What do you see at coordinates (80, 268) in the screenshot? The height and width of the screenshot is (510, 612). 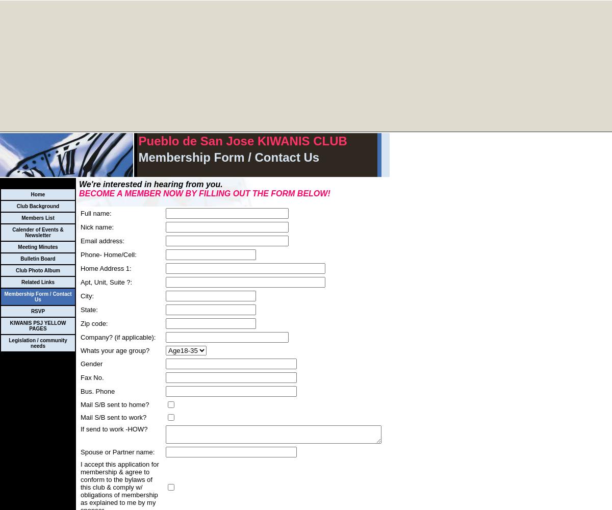 I see `'Home Address 1:'` at bounding box center [80, 268].